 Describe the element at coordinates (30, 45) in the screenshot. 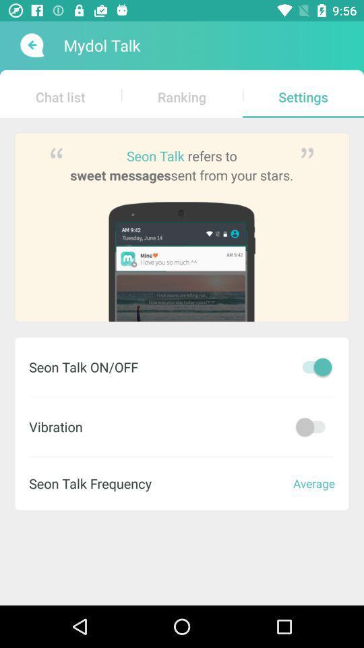

I see `go back` at that location.